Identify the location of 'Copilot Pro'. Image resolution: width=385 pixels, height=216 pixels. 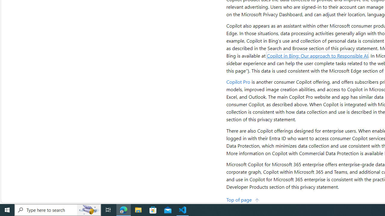
(238, 82).